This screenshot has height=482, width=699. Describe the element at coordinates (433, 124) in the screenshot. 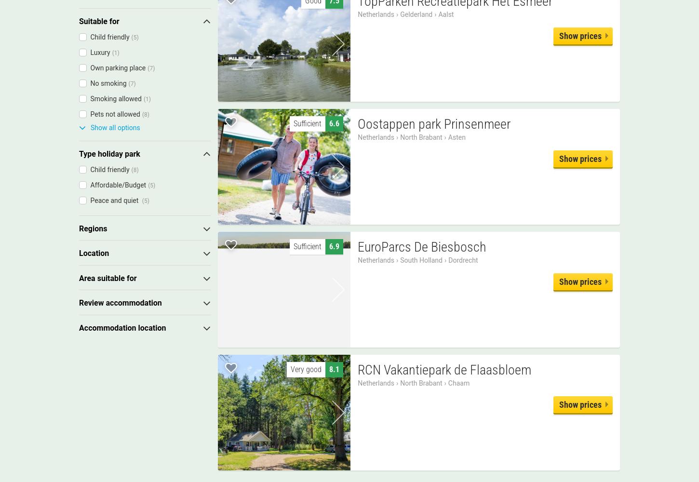

I see `'Oostappen park Prinsenmeer'` at that location.